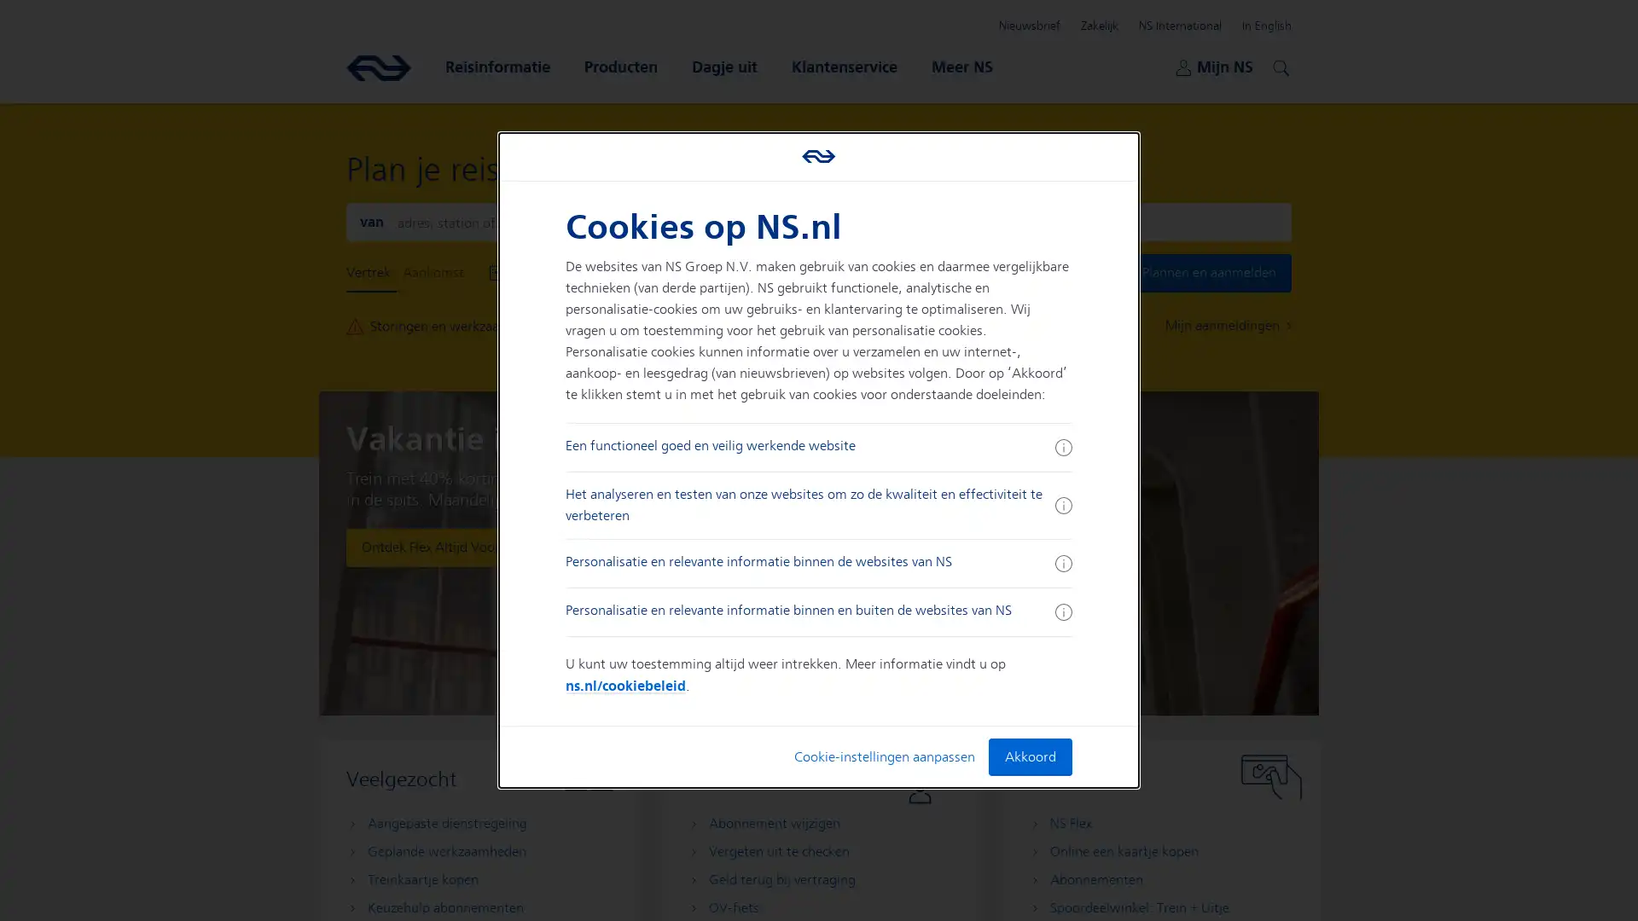  I want to click on Wissel aankomst en vertrek locaties om, so click(817, 221).